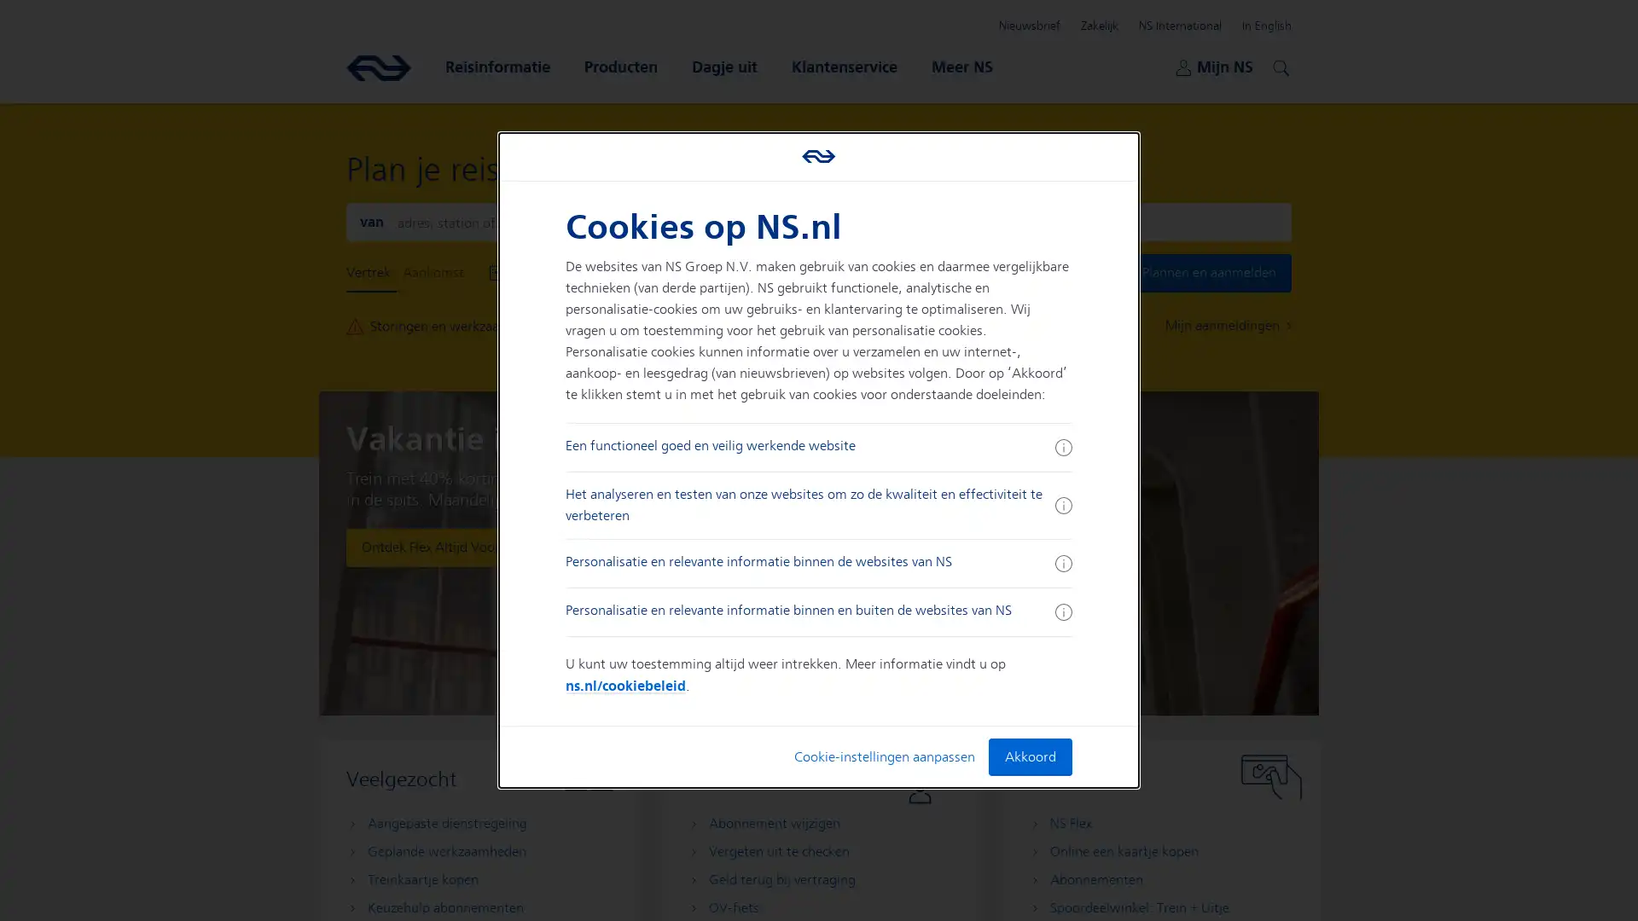  I want to click on Wissel aankomst en vertrek locaties om, so click(817, 221).